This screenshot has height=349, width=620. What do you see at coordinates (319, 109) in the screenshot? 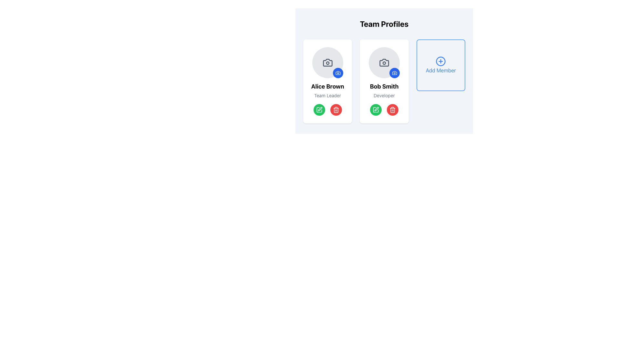
I see `the pen icon button located within the green circular background of the profile card for 'Alice Brown Team Leader' to initiate edit mode` at bounding box center [319, 109].